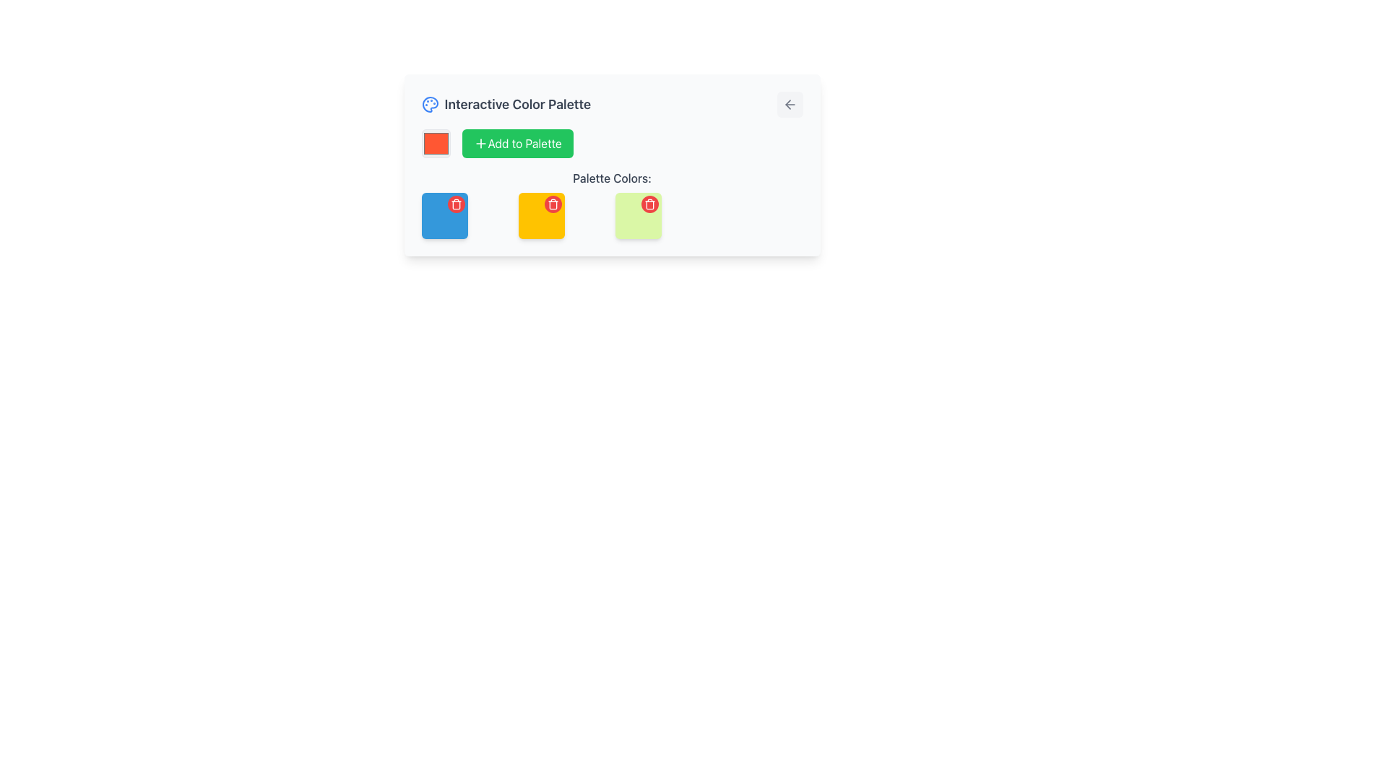 The image size is (1387, 780). I want to click on the 'Add to Palette' button, which is a green rectangular button with rounded edges displaying the text 'Add to Palette' in white and a '+' icon on its left, so click(524, 144).